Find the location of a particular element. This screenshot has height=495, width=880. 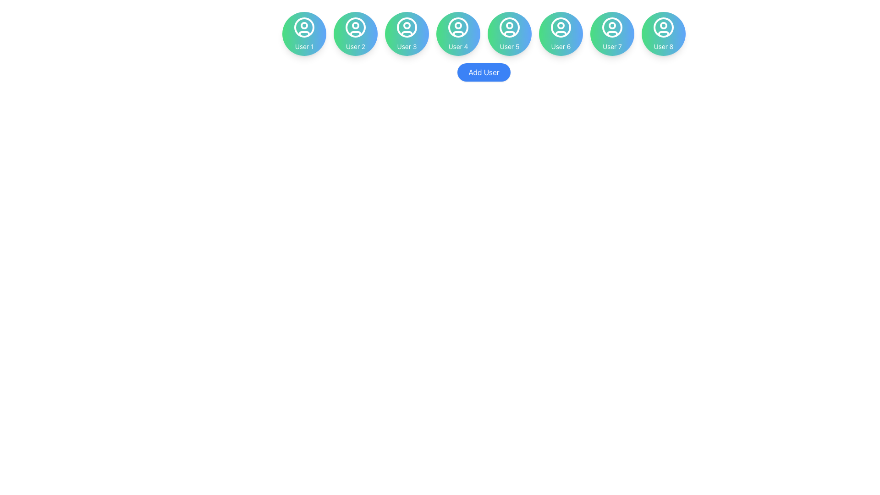

the 'Add User' button, which has a blue background and white text, located below the user icons to initiate user creation is located at coordinates (484, 72).